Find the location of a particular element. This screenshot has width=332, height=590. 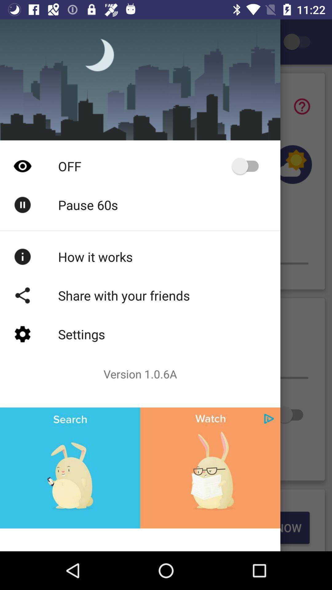

help button is located at coordinates (302, 106).